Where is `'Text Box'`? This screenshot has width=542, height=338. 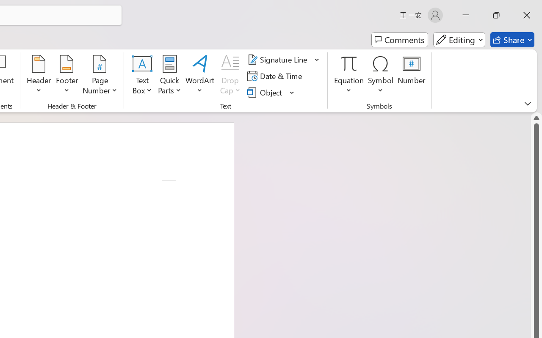
'Text Box' is located at coordinates (142, 76).